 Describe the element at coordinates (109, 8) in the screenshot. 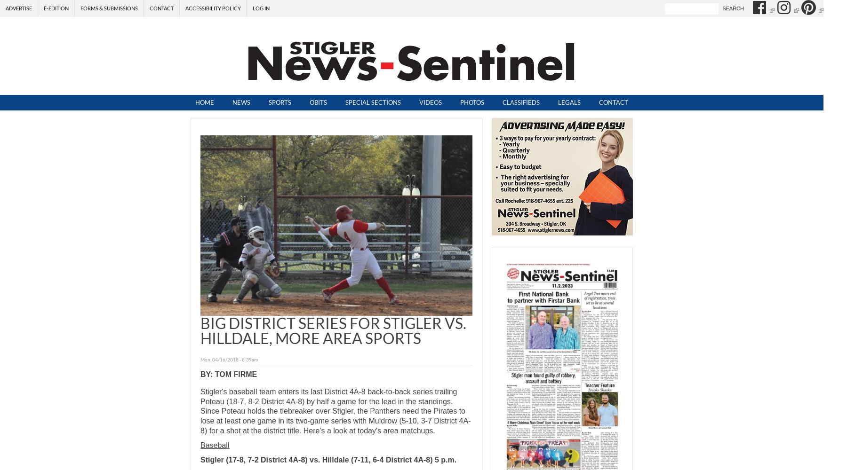

I see `'Forms & Submissions'` at that location.